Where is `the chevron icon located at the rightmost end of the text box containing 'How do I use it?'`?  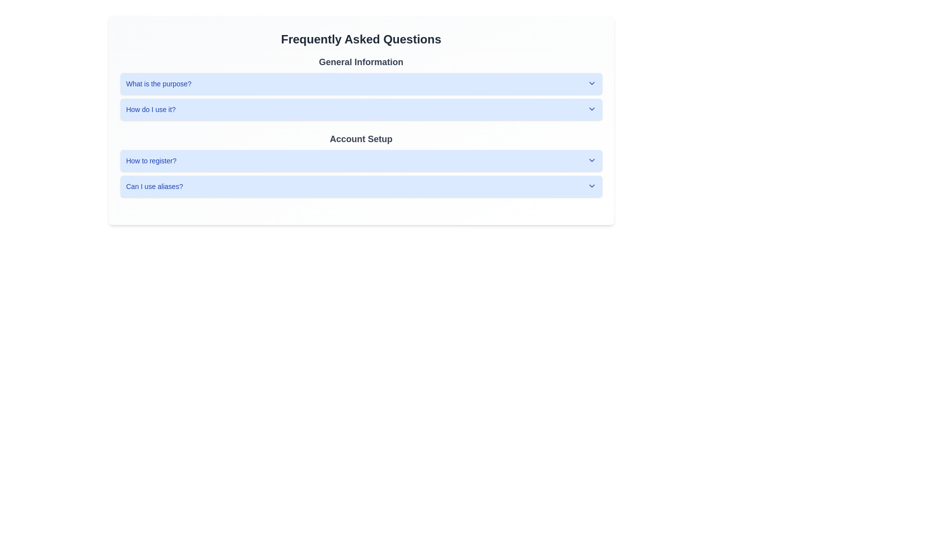 the chevron icon located at the rightmost end of the text box containing 'How do I use it?' is located at coordinates (592, 109).